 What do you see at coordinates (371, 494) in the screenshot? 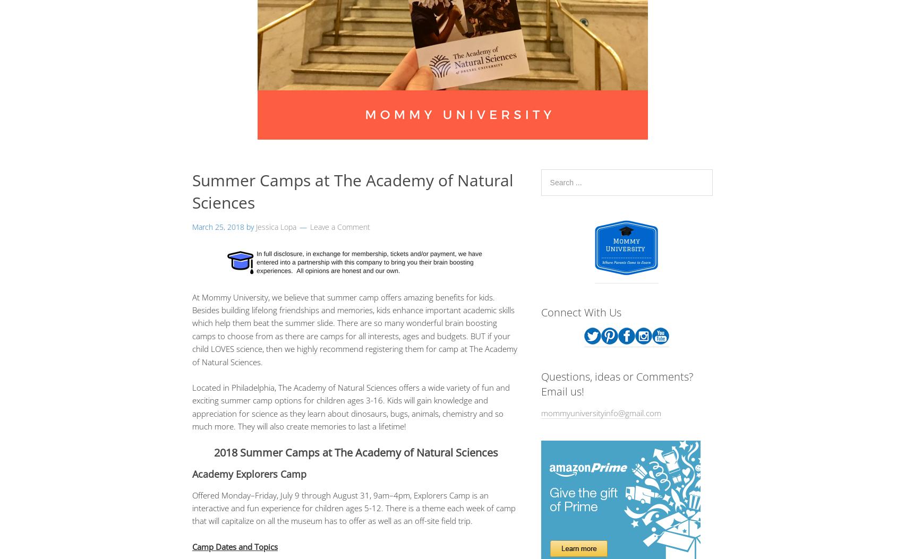
I see `','` at bounding box center [371, 494].